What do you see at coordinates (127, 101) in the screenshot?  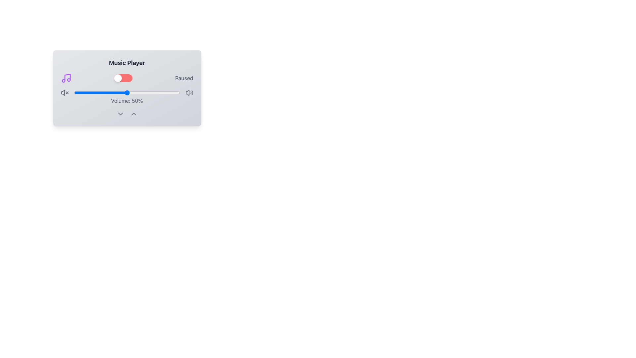 I see `the text label displaying 'Volume: 50%' which is styled in gray and positioned below the volume slider` at bounding box center [127, 101].